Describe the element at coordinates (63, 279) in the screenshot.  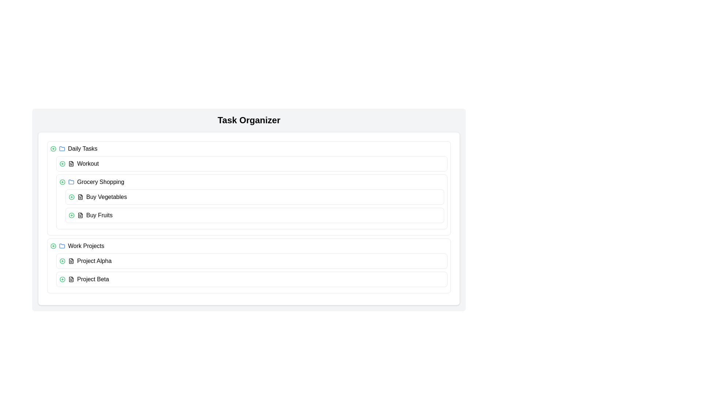
I see `the central circular decorative element of the interactive icon next to the 'Grocery Shopping' folder in the 'Task Organizer' interface to engage its functionality` at that location.